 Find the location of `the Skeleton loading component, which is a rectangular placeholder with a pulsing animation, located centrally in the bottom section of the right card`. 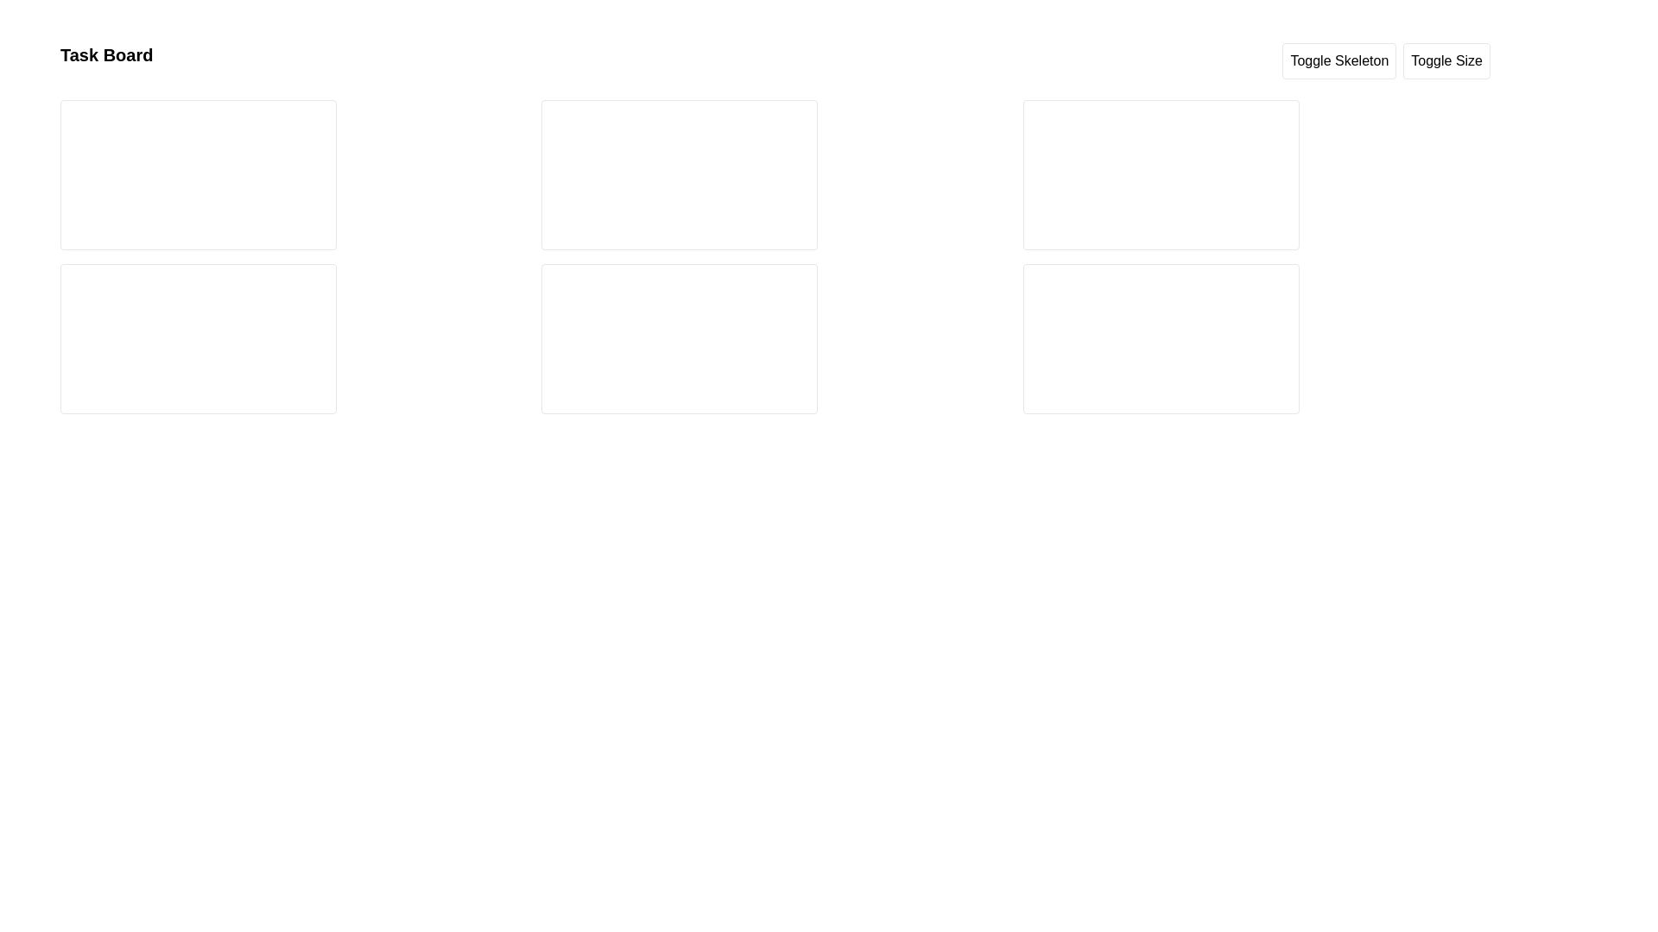

the Skeleton loading component, which is a rectangular placeholder with a pulsing animation, located centrally in the bottom section of the right card is located at coordinates (1119, 390).